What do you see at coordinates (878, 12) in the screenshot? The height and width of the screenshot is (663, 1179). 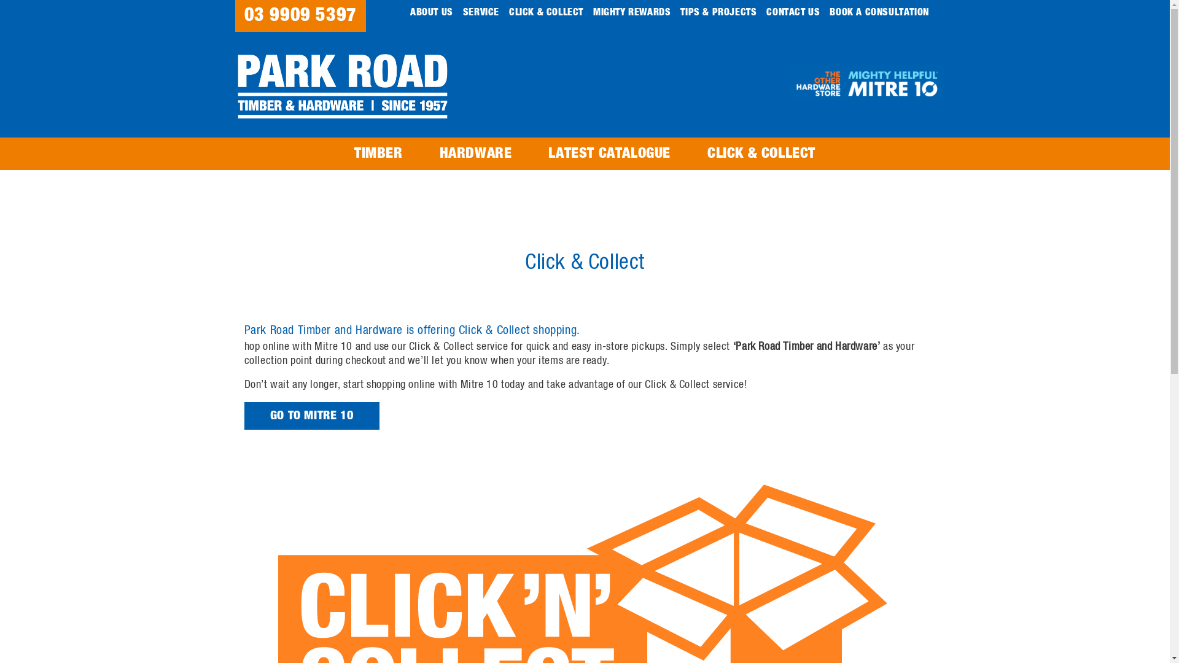 I see `'BOOK A CONSULTATION'` at bounding box center [878, 12].